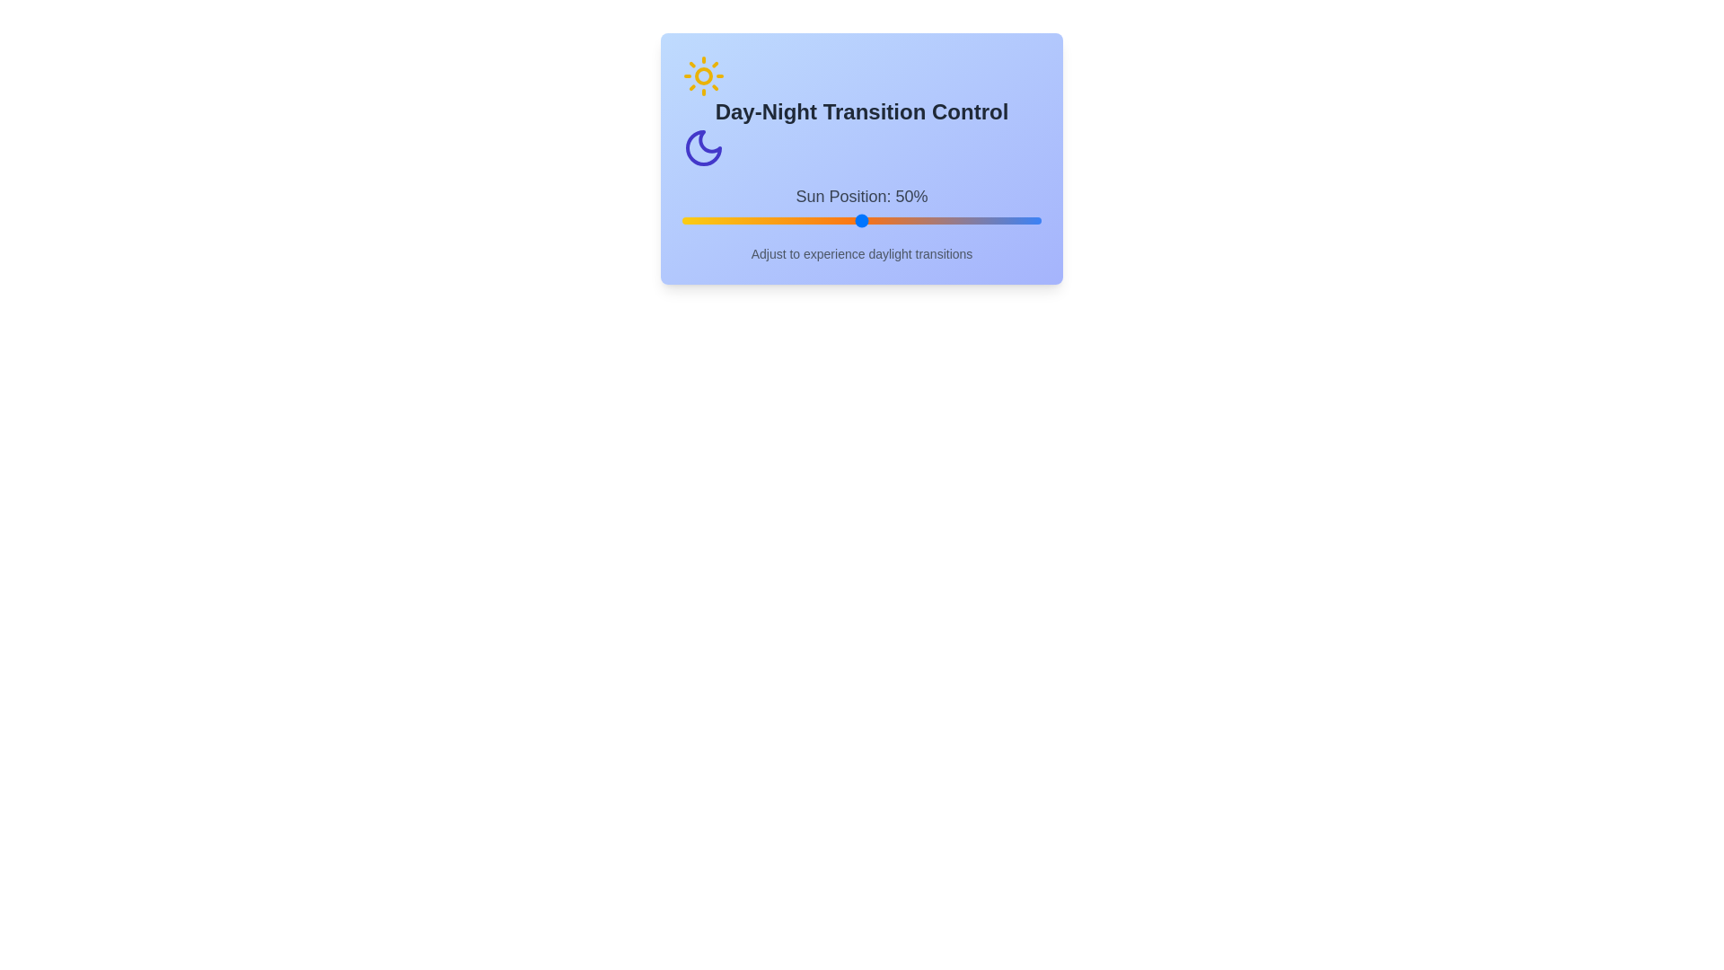 The height and width of the screenshot is (970, 1724). Describe the element at coordinates (1008, 220) in the screenshot. I see `the sun position slider to 91%` at that location.